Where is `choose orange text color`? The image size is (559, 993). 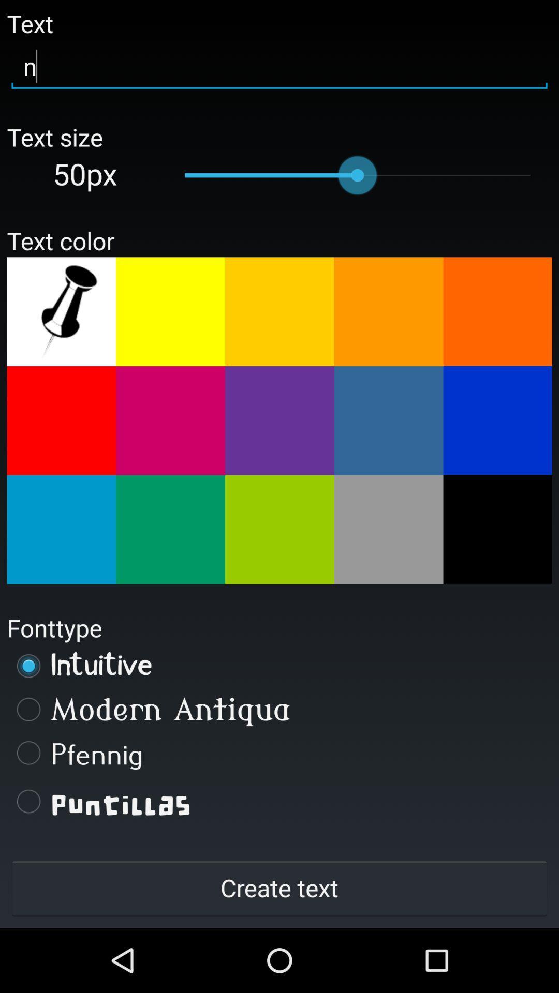 choose orange text color is located at coordinates (279, 311).